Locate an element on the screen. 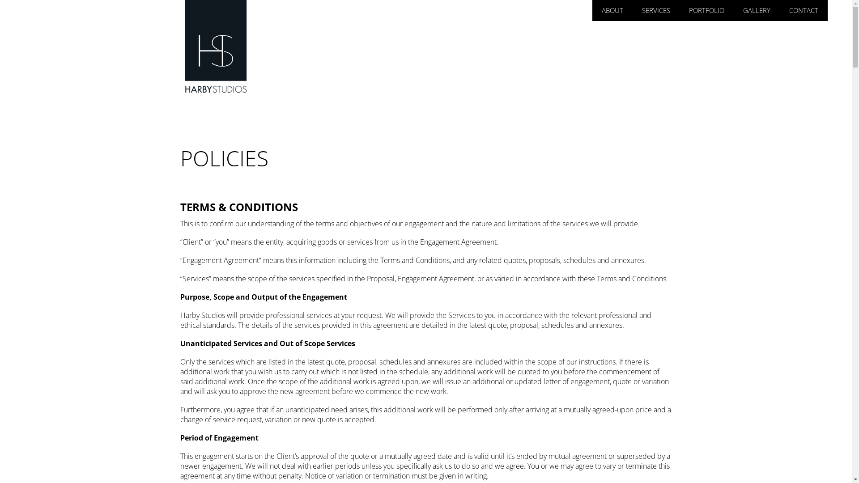 This screenshot has height=483, width=859. 'PORTFOLIO' is located at coordinates (706, 10).